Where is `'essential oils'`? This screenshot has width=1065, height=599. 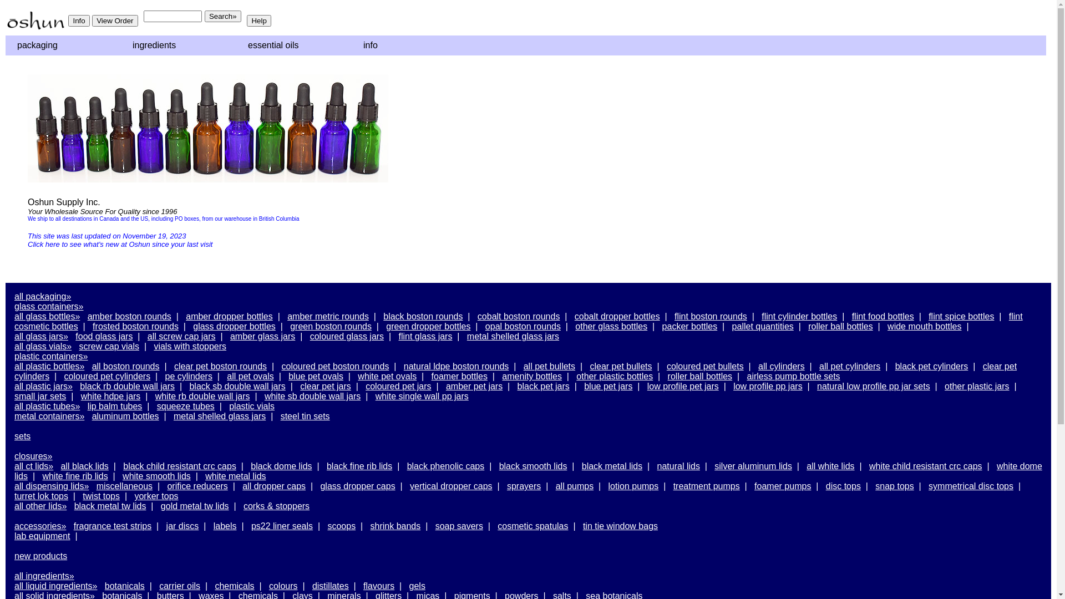
'essential oils' is located at coordinates (239, 44).